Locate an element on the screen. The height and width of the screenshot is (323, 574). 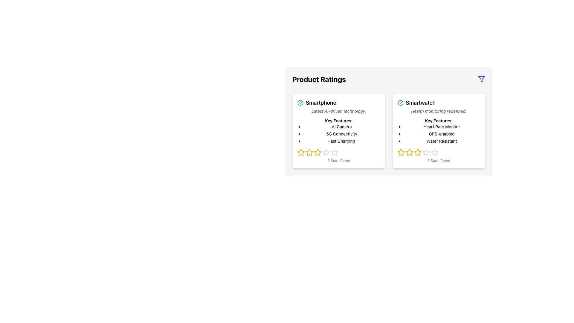
the filter icon located in the header section next to the 'Product Ratings' text is located at coordinates (482, 79).